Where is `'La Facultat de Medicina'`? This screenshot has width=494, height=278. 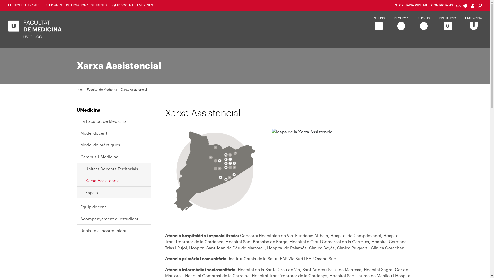 'La Facultat de Medicina' is located at coordinates (106, 121).